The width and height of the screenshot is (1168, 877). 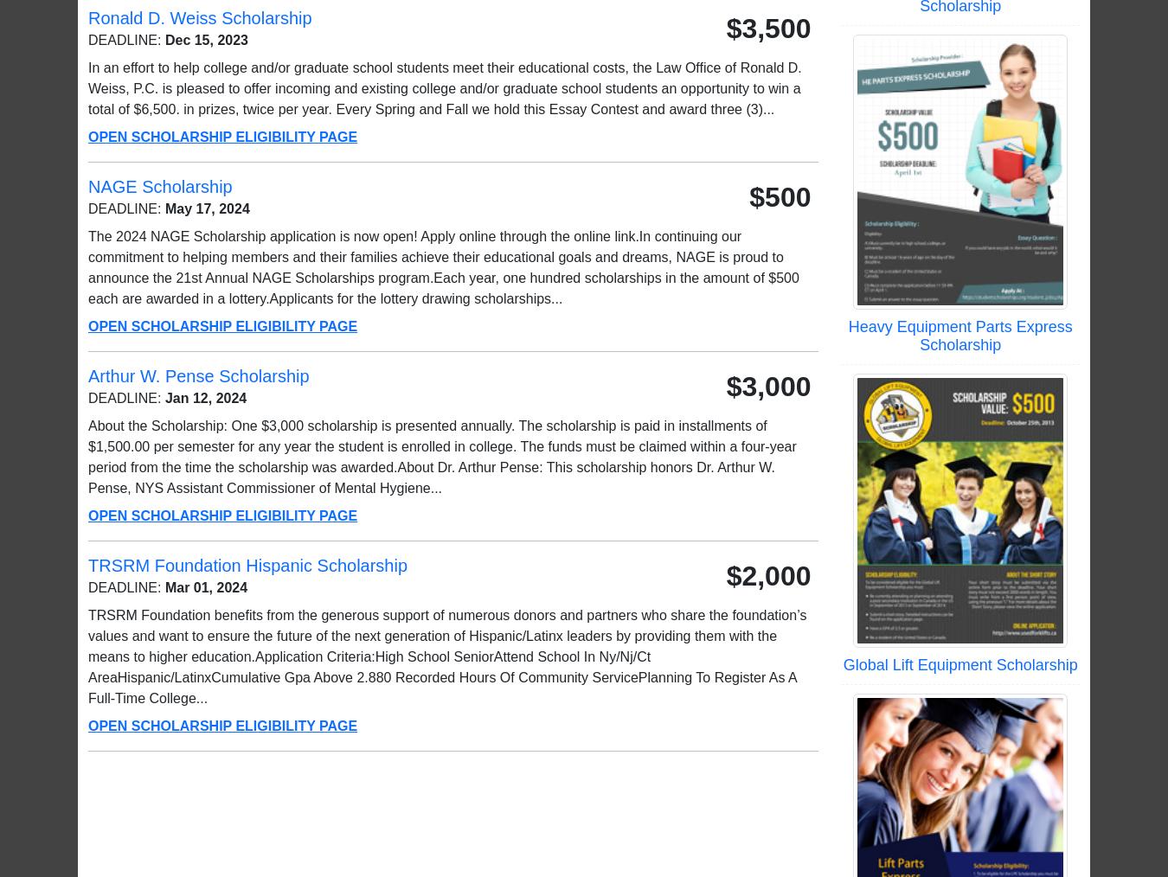 What do you see at coordinates (192, 829) in the screenshot?
I see `'Posters'` at bounding box center [192, 829].